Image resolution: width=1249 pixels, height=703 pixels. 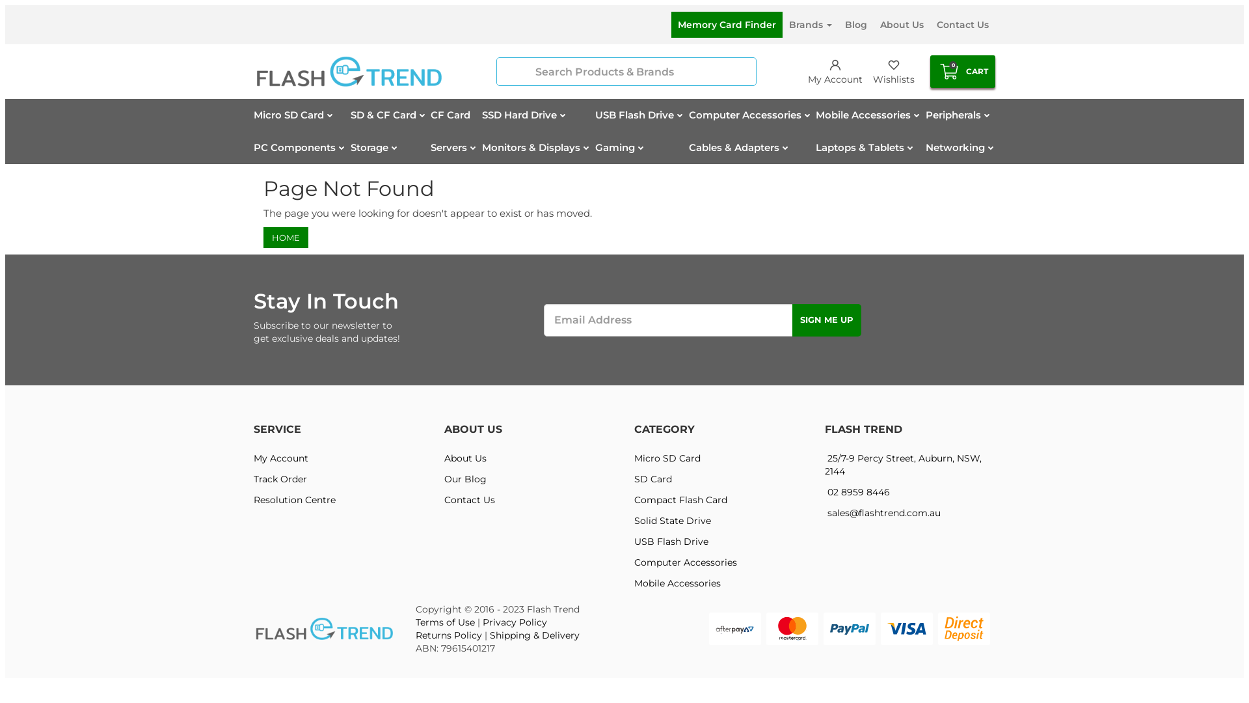 I want to click on 'CF Card', so click(x=431, y=115).